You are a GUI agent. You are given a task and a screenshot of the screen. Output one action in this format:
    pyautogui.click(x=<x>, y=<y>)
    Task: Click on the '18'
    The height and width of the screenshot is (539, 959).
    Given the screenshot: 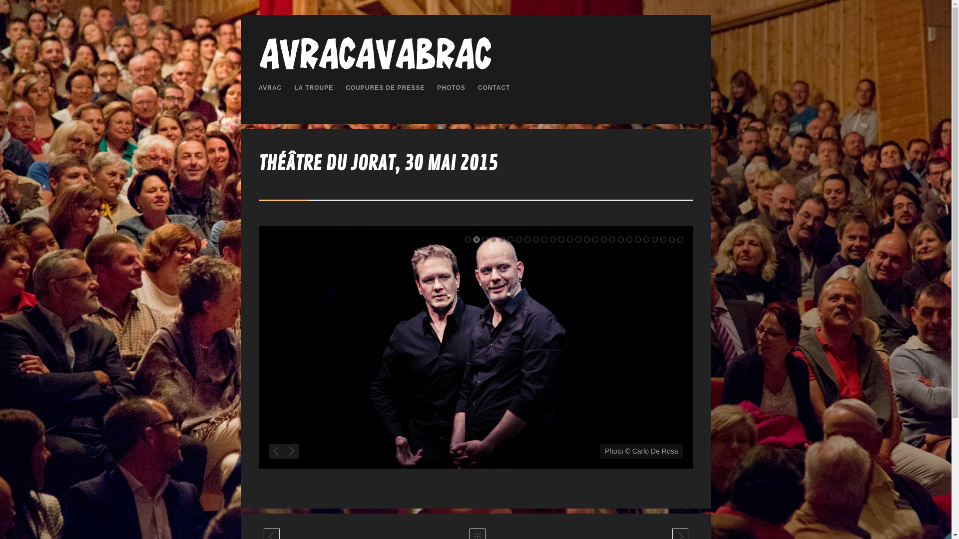 What is the action you would take?
    pyautogui.click(x=611, y=239)
    